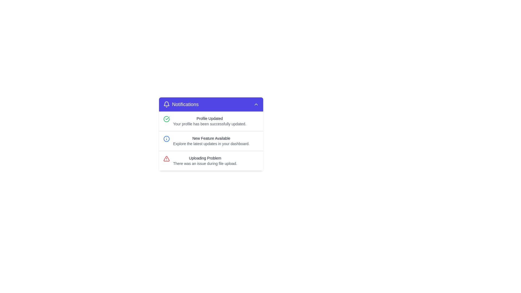 This screenshot has height=293, width=521. Describe the element at coordinates (209, 121) in the screenshot. I see `the 'Profile Updated' text display component, which is the first notification item in the list, indicating a successful profile update` at that location.